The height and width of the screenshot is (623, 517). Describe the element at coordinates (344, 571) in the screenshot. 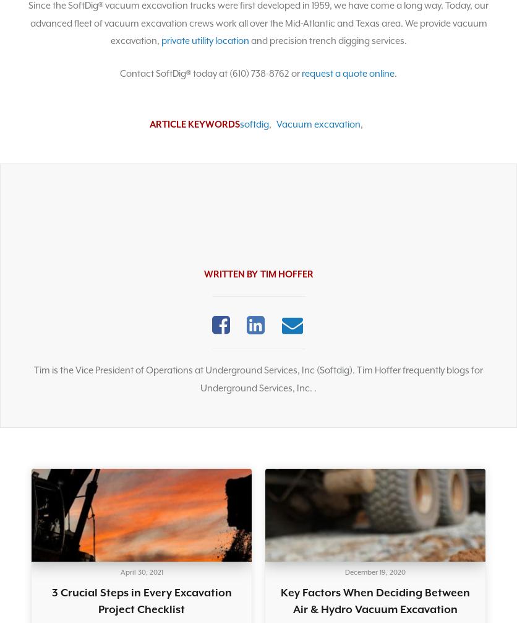

I see `'December 19, 2020'` at that location.